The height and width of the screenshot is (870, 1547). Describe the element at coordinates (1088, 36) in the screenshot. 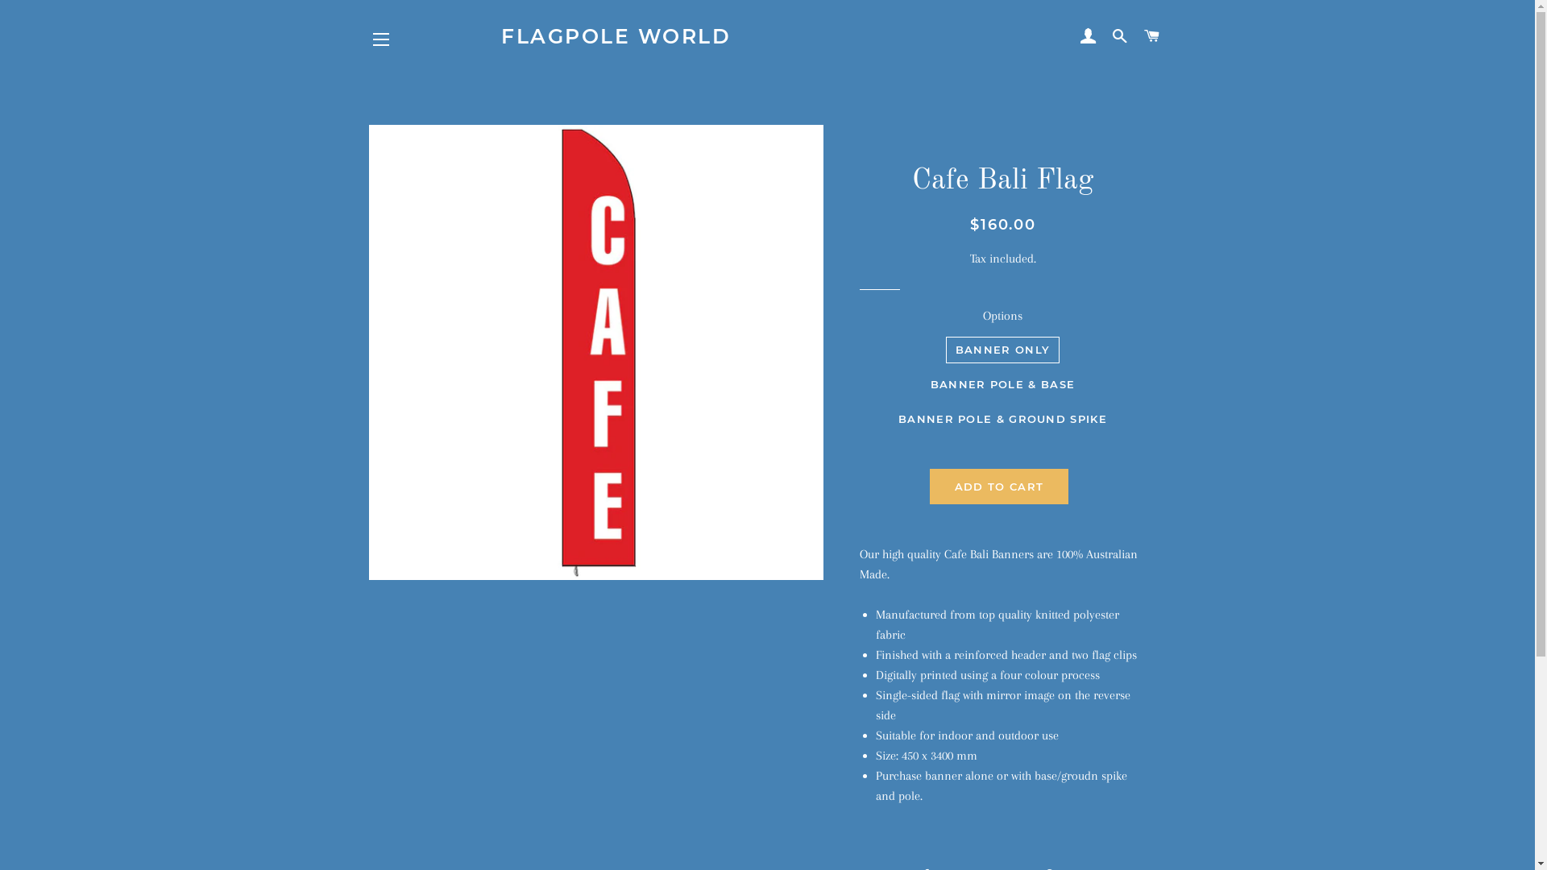

I see `'LOG IN'` at that location.